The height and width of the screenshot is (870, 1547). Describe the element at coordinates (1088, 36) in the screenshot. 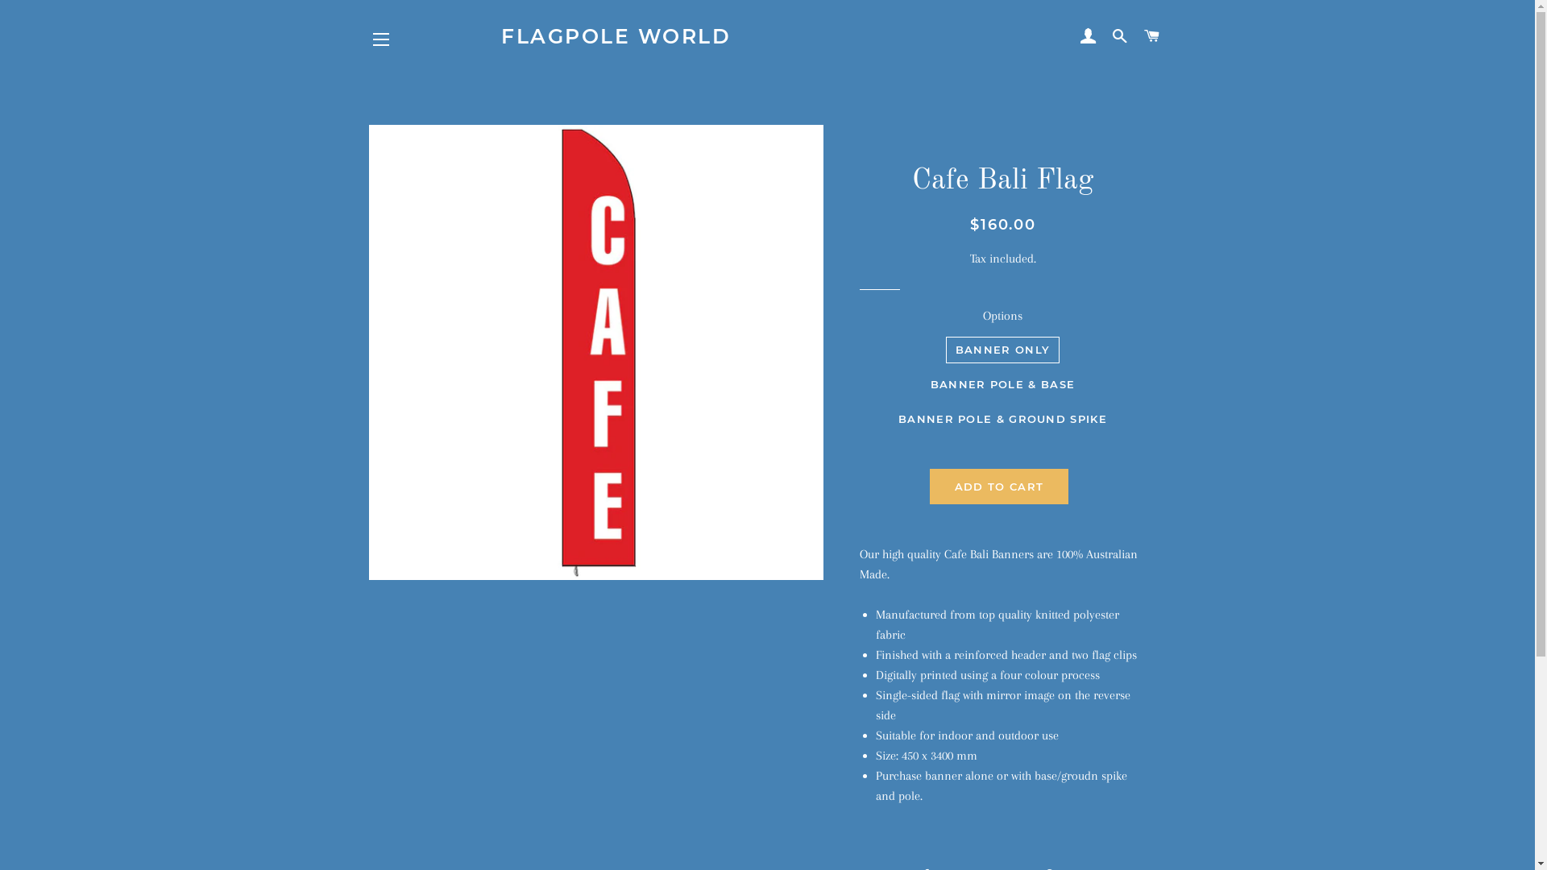

I see `'LOG IN'` at that location.